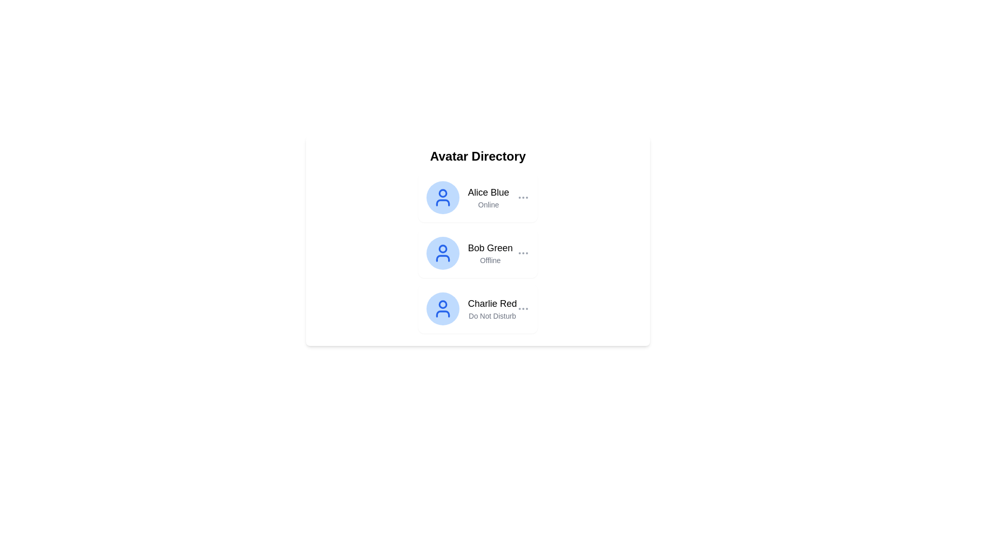 The height and width of the screenshot is (556, 989). I want to click on the badge of the user profile icon for 'Alice Blue', which is the lower component of the blue highlighted user icon, so click(443, 202).